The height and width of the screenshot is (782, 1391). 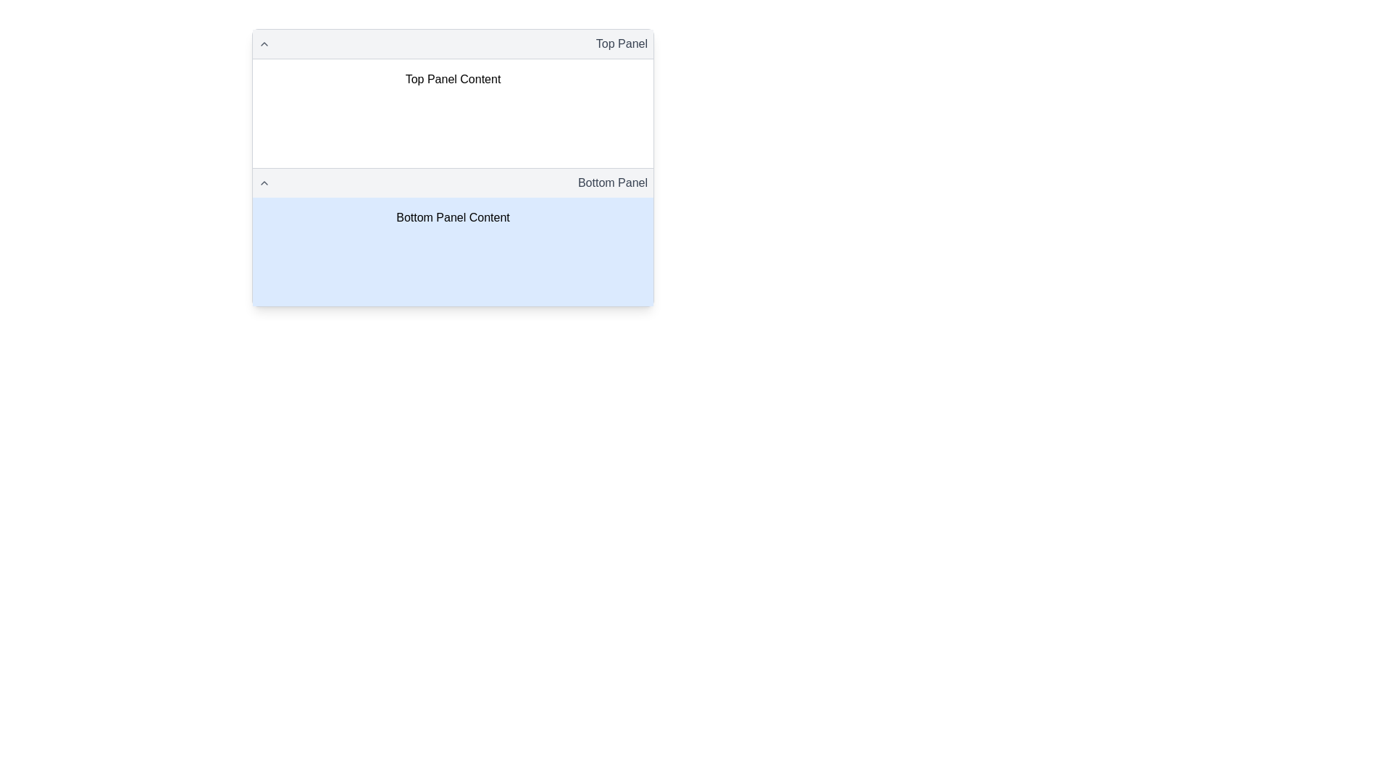 What do you see at coordinates (264, 43) in the screenshot?
I see `the upward-pointing chevron icon button in the Top Panel` at bounding box center [264, 43].